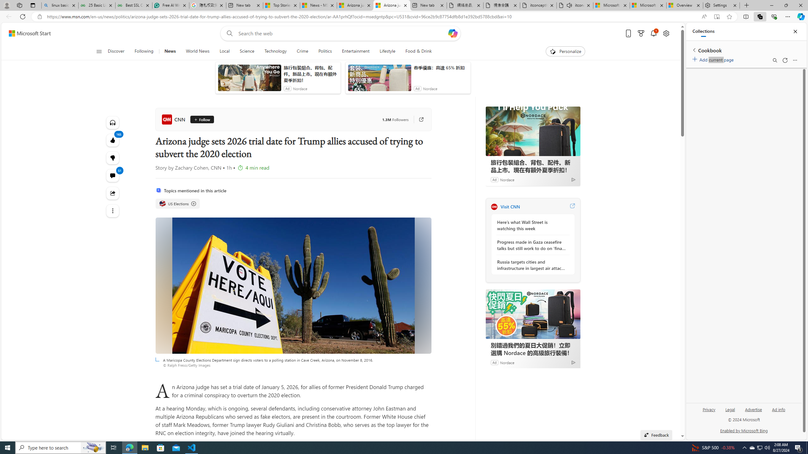 The height and width of the screenshot is (454, 808). What do you see at coordinates (112, 158) in the screenshot?
I see `'165'` at bounding box center [112, 158].